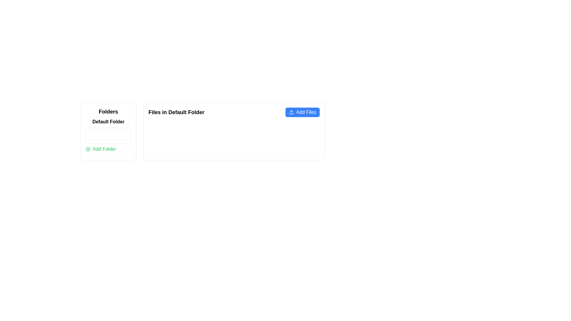 This screenshot has width=571, height=321. I want to click on the circular outline Icon Button with a '+' symbol, which is styled in green and is located to the left of the 'Add Folder' text label, so click(88, 149).